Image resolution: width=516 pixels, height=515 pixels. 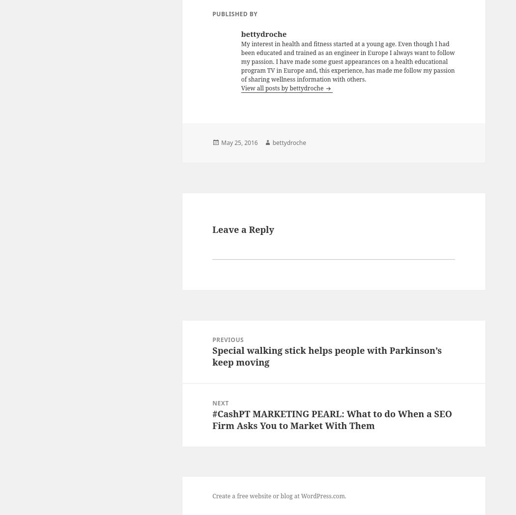 What do you see at coordinates (228, 339) in the screenshot?
I see `'Previous'` at bounding box center [228, 339].